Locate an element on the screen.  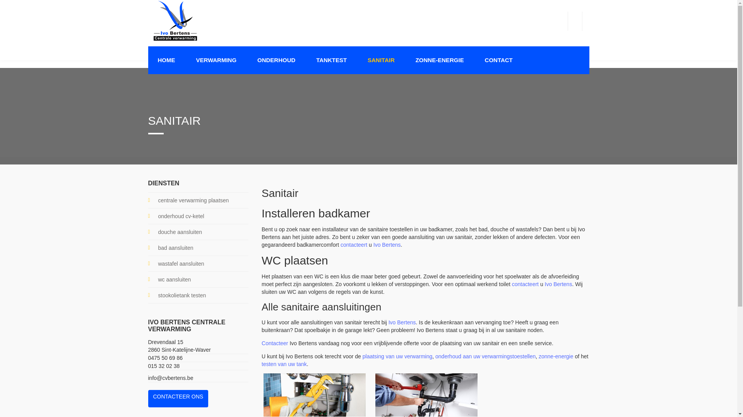
'plaatsing van uw verwarming' is located at coordinates (397, 356).